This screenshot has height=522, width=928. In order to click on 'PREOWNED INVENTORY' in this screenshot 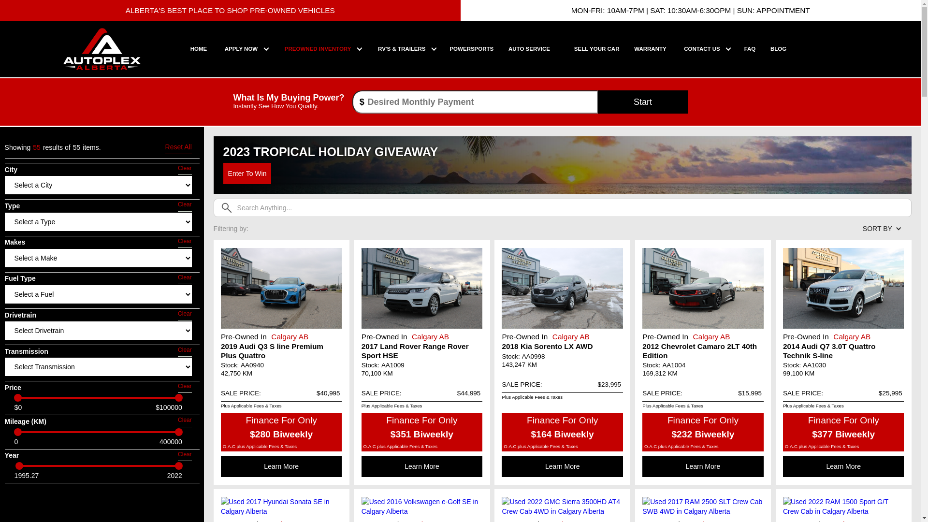, I will do `click(318, 49)`.